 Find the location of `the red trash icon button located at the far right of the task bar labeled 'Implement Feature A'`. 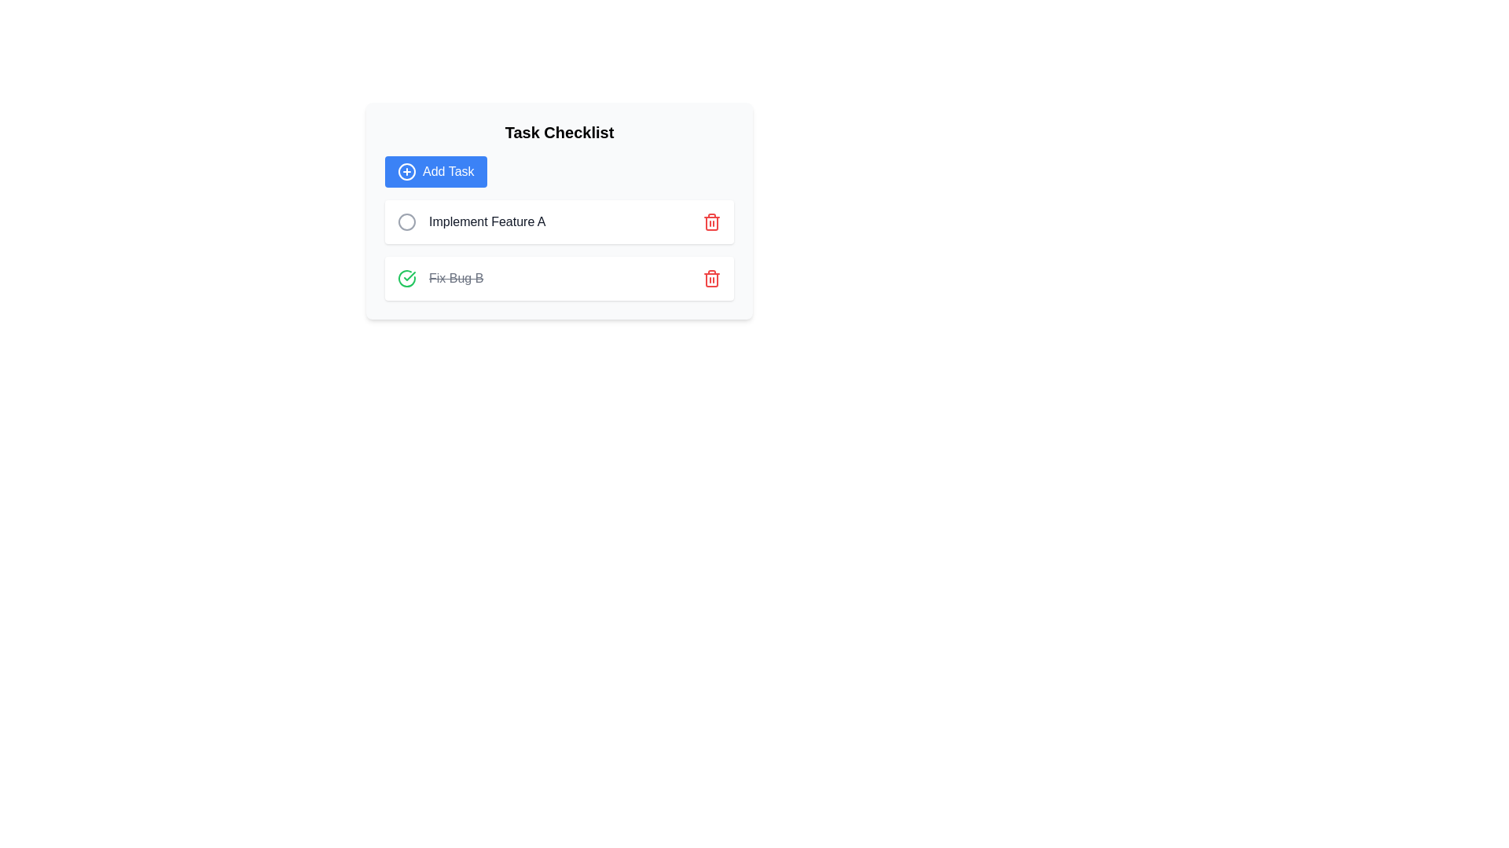

the red trash icon button located at the far right of the task bar labeled 'Implement Feature A' is located at coordinates (711, 221).